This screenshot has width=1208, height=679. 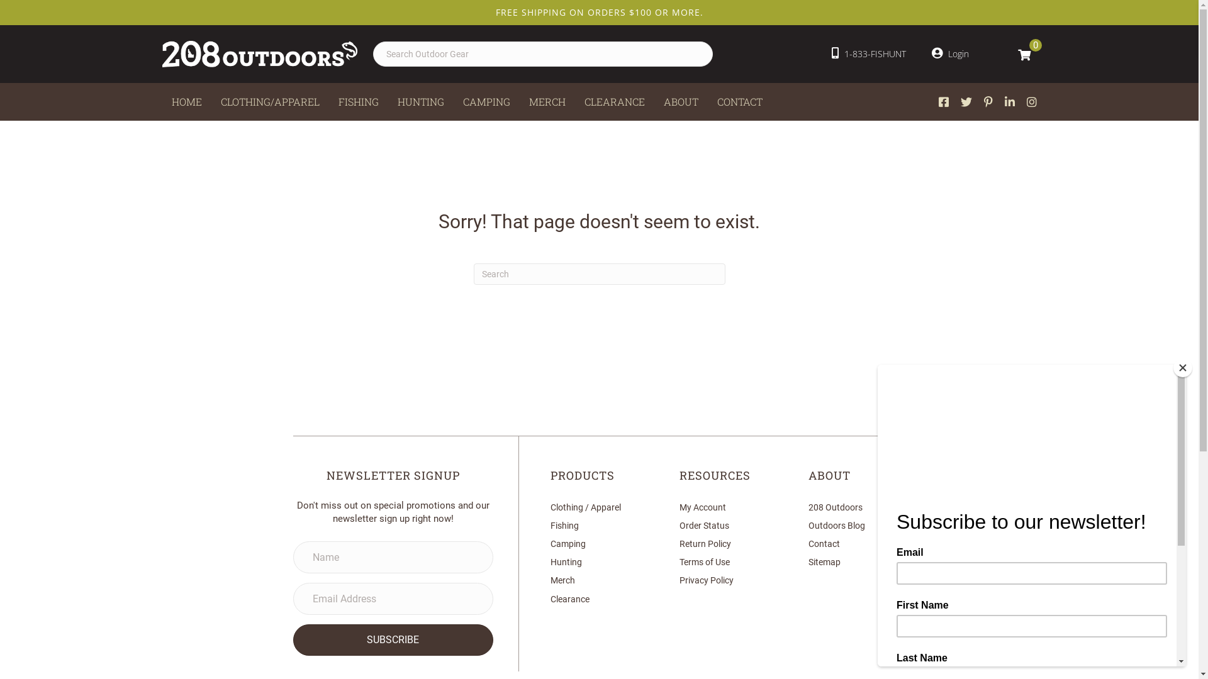 What do you see at coordinates (566, 561) in the screenshot?
I see `'Hunting'` at bounding box center [566, 561].